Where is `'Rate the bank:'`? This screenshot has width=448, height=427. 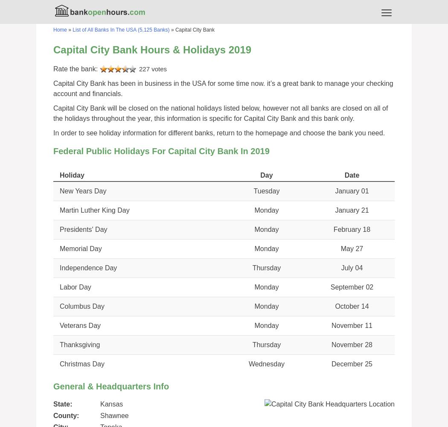 'Rate the bank:' is located at coordinates (76, 69).